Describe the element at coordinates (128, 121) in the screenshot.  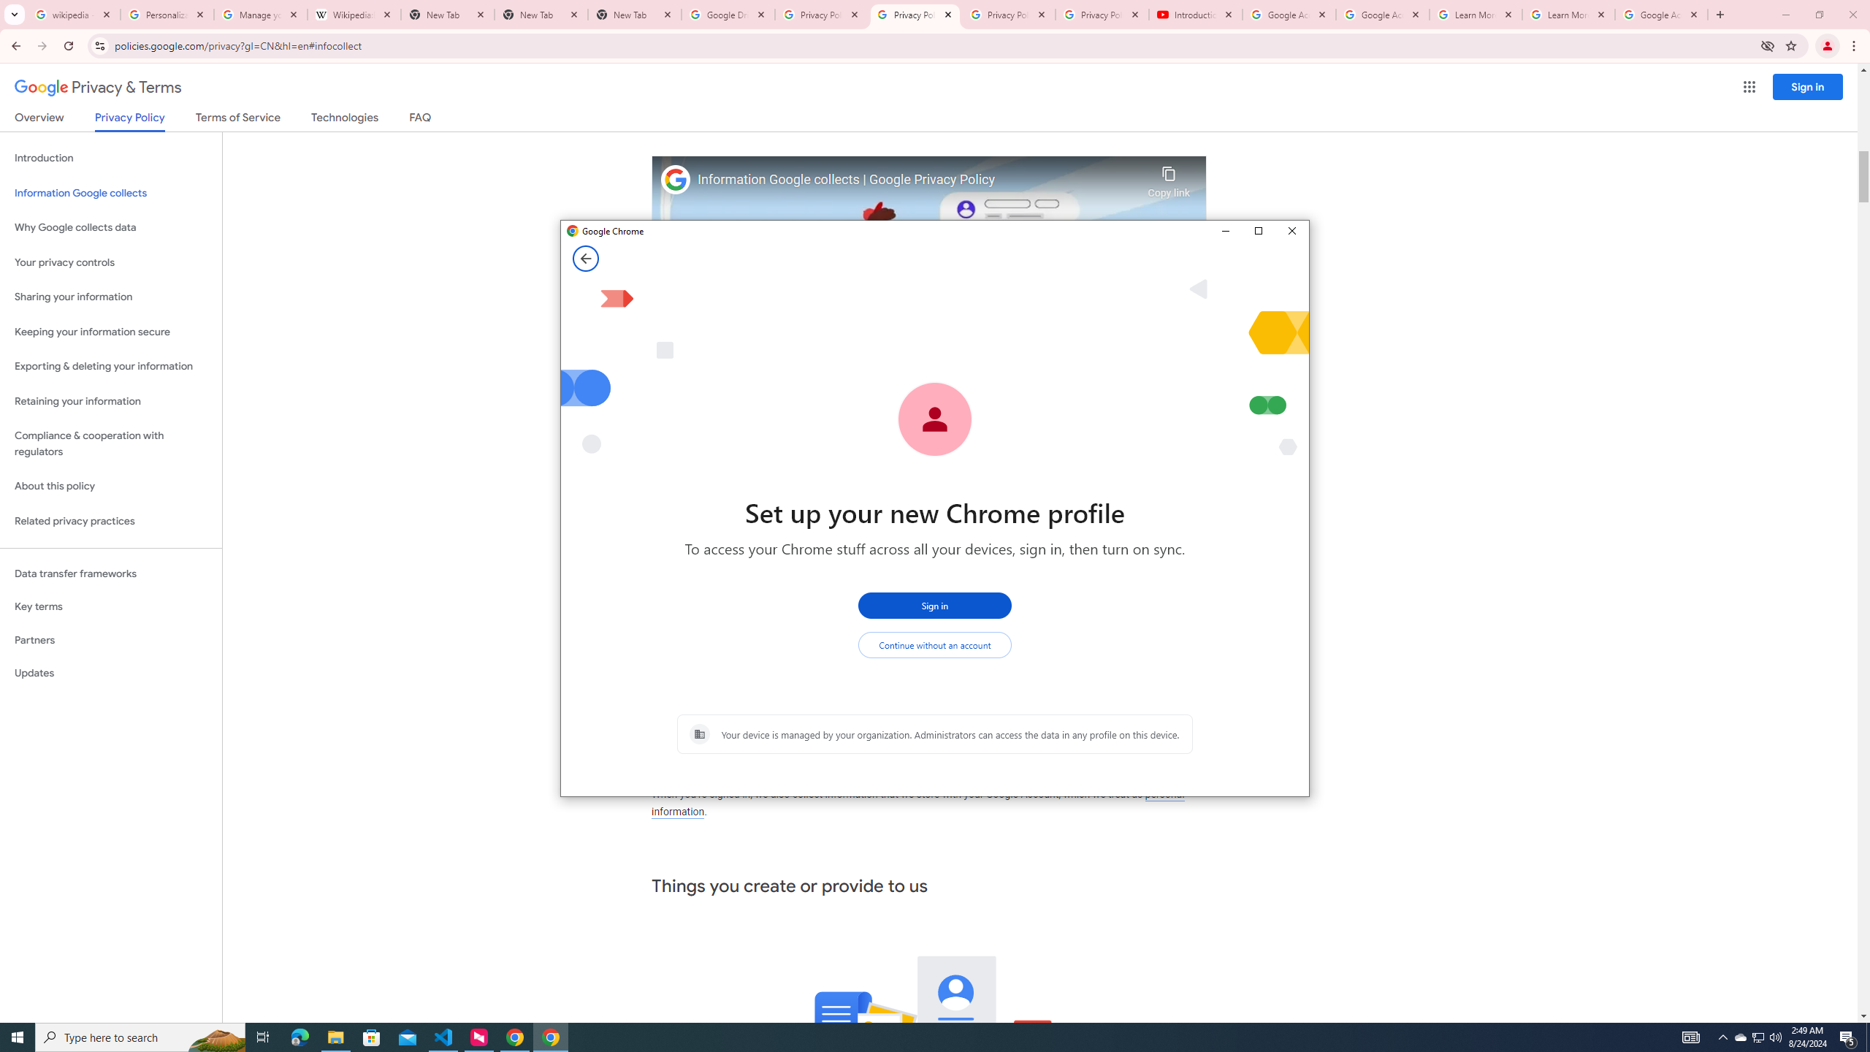
I see `'Privacy Policy'` at that location.